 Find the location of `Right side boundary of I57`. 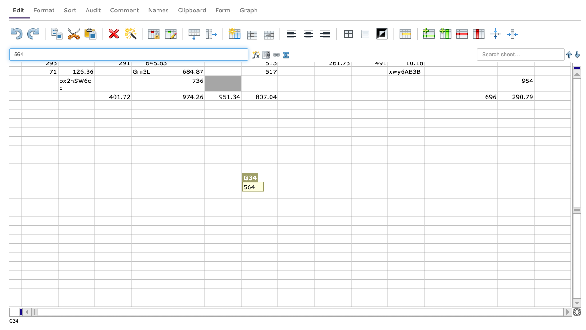

Right side boundary of I57 is located at coordinates (314, 292).